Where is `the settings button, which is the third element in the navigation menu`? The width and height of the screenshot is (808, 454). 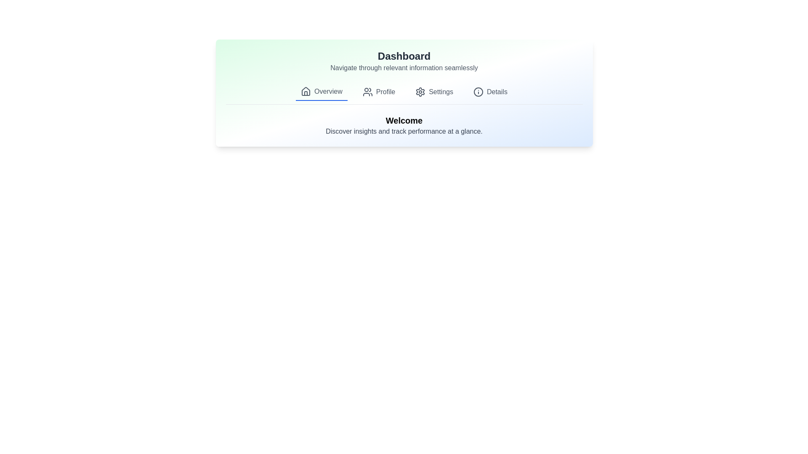
the settings button, which is the third element in the navigation menu is located at coordinates (434, 92).